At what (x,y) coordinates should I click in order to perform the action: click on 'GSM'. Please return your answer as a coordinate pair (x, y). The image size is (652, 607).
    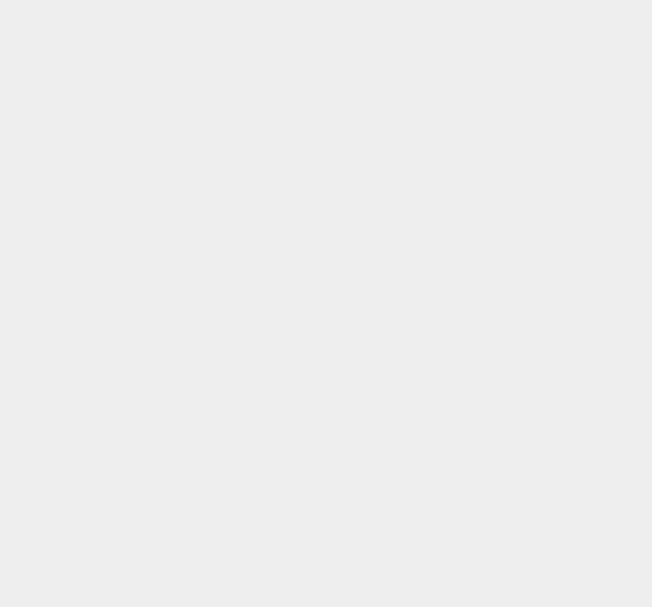
    Looking at the image, I should click on (469, 174).